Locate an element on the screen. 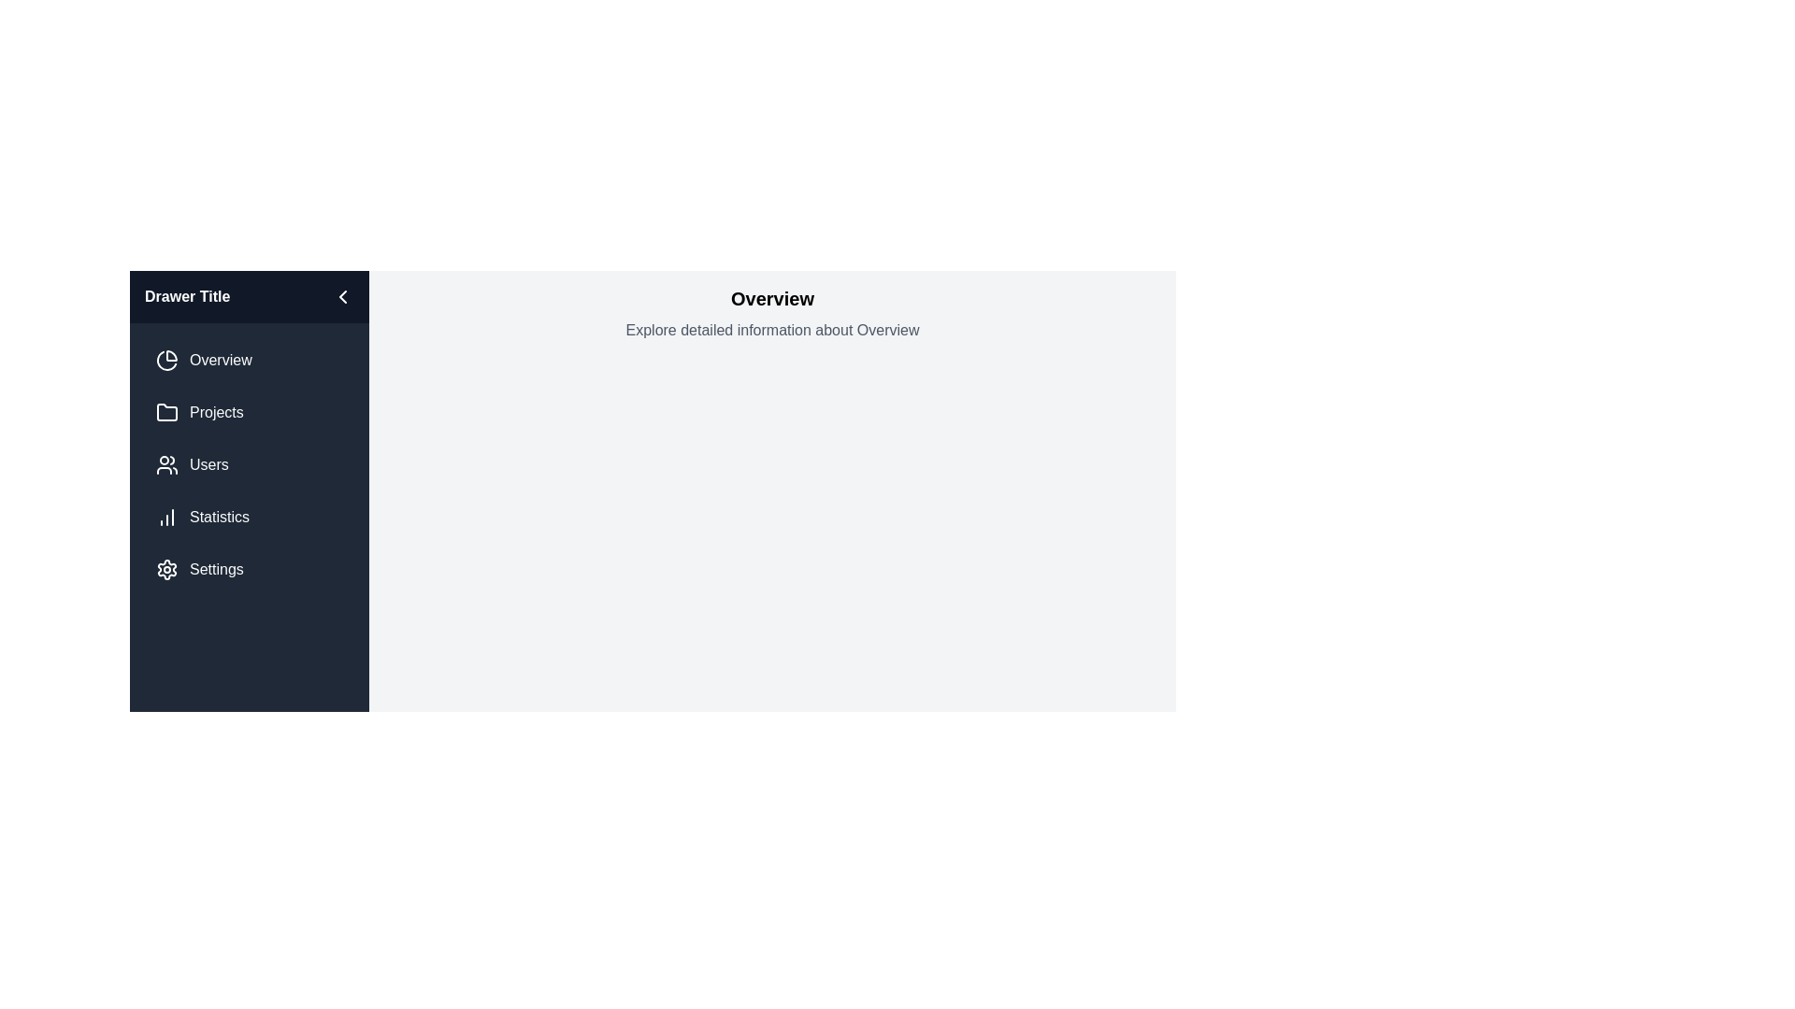 The width and height of the screenshot is (1795, 1009). the menu item corresponding to Settings in the sidebar to navigate to that section is located at coordinates (249, 568).